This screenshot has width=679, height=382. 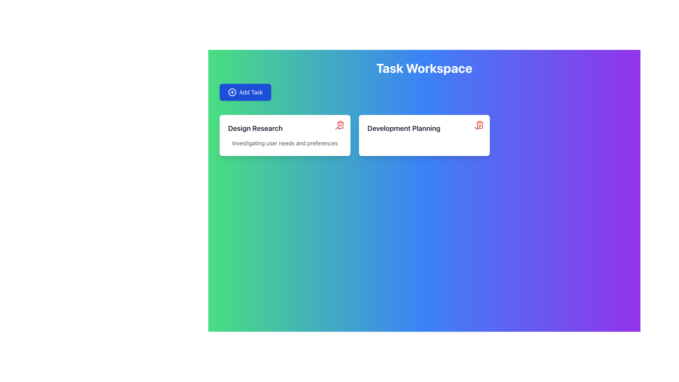 What do you see at coordinates (232, 92) in the screenshot?
I see `the graphical icon resembling a circle with a plus sign inside it, which is part of the 'Add Task' button` at bounding box center [232, 92].